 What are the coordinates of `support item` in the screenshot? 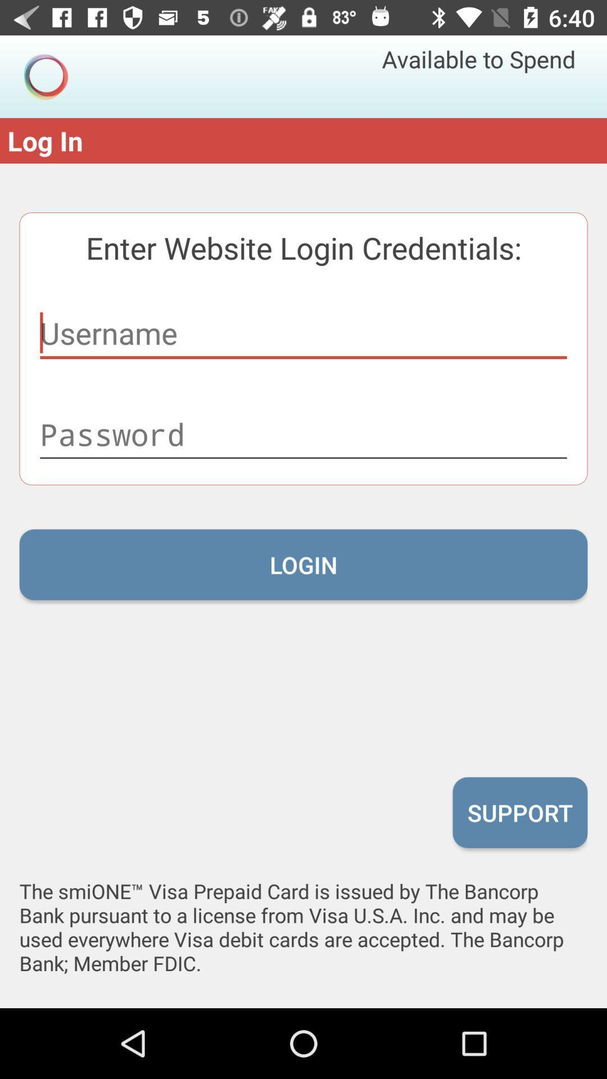 It's located at (520, 812).